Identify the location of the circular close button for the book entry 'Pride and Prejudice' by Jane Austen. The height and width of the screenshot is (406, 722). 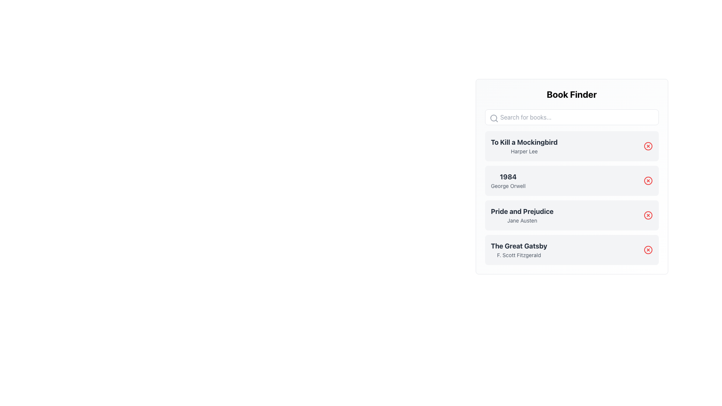
(648, 215).